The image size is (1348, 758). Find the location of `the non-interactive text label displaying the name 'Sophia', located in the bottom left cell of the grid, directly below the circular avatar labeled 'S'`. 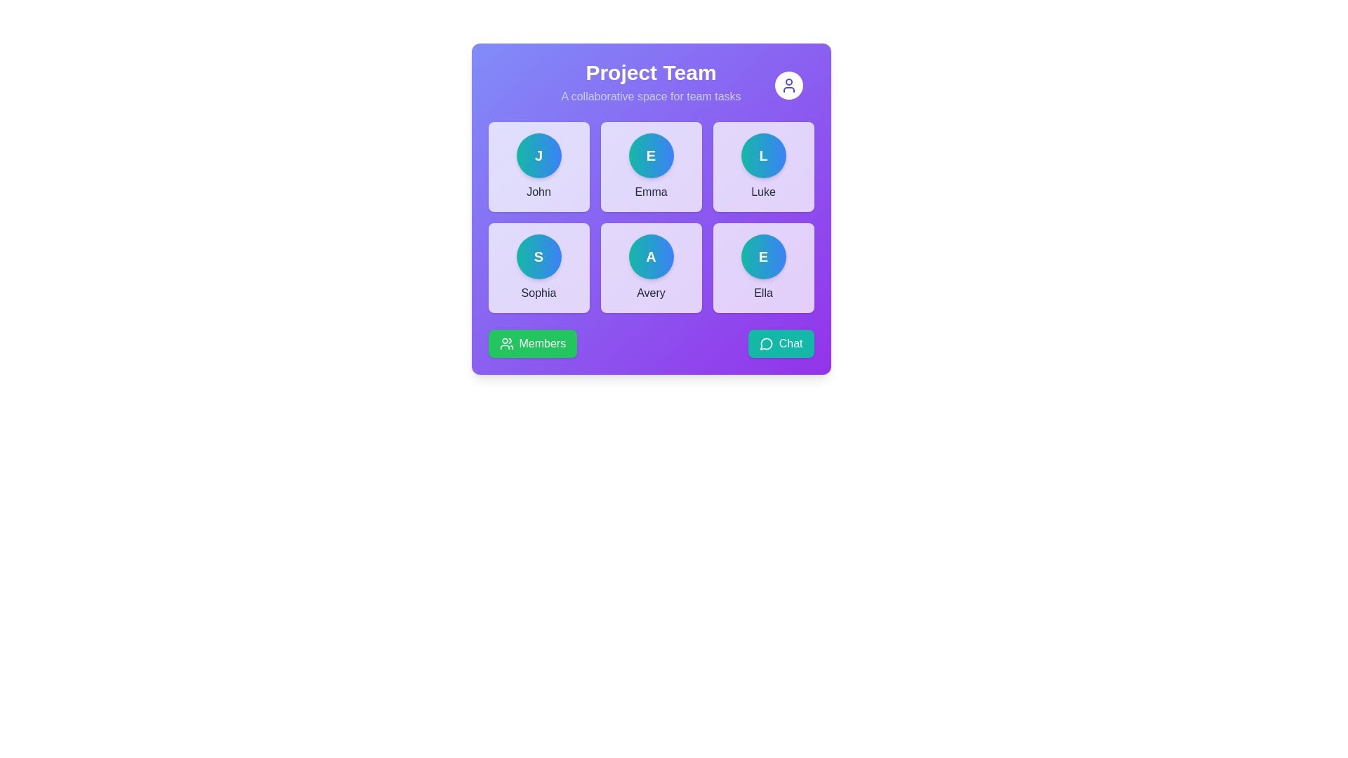

the non-interactive text label displaying the name 'Sophia', located in the bottom left cell of the grid, directly below the circular avatar labeled 'S' is located at coordinates (538, 292).